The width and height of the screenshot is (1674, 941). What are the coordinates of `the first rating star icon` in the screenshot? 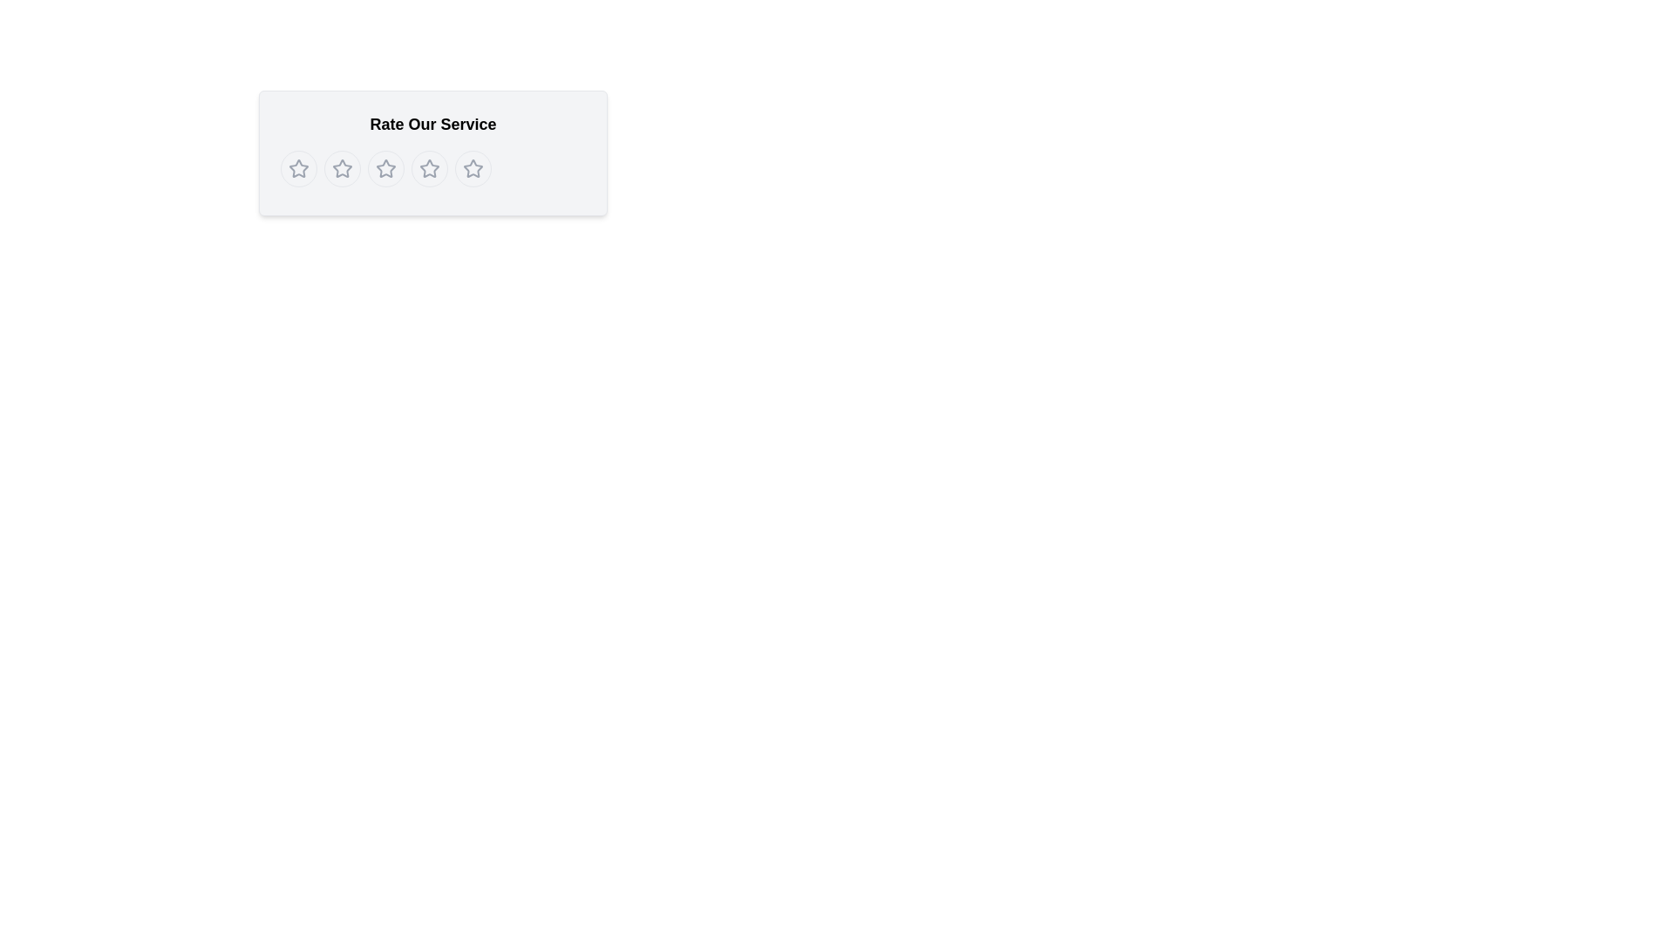 It's located at (298, 168).